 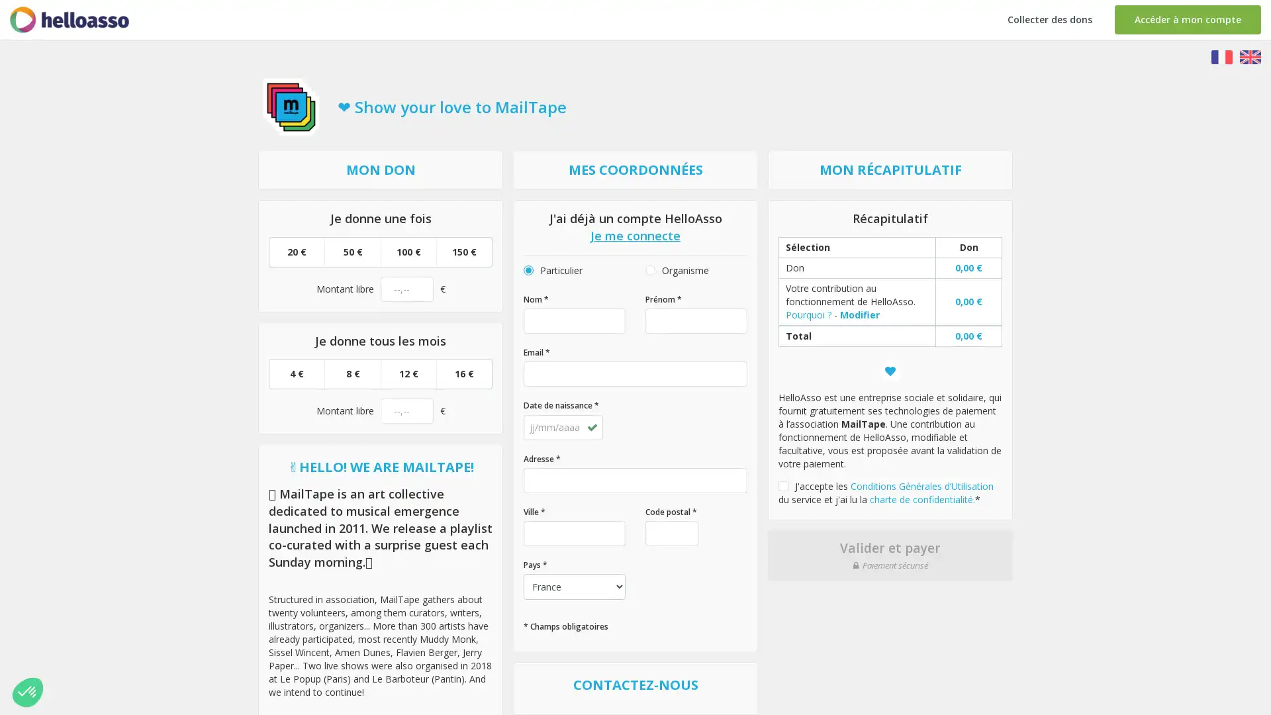 I want to click on Valider et payer Paiement securise, so click(x=890, y=556).